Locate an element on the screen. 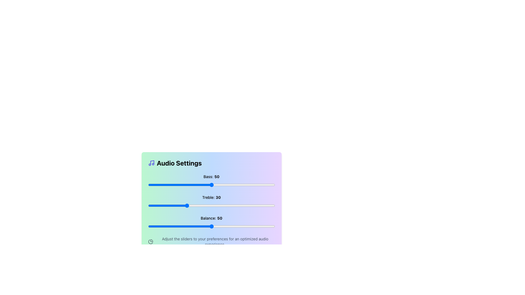 The height and width of the screenshot is (295, 525). the balance is located at coordinates (207, 226).